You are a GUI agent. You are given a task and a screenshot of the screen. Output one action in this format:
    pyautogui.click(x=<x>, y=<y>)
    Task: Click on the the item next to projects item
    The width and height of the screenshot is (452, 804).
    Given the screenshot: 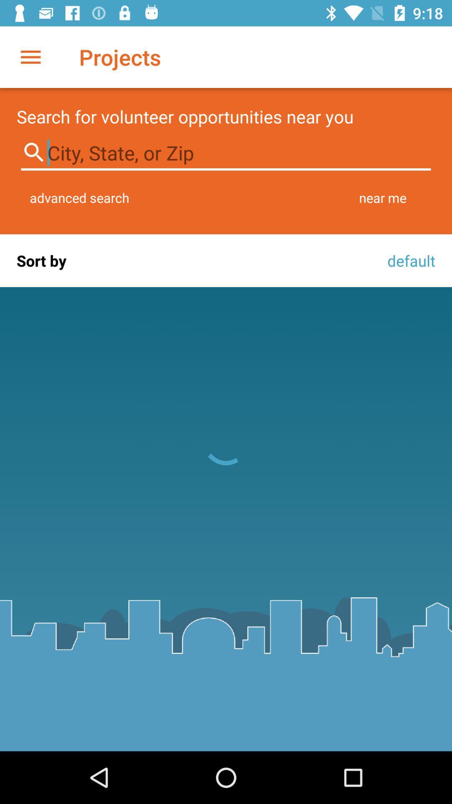 What is the action you would take?
    pyautogui.click(x=30, y=57)
    